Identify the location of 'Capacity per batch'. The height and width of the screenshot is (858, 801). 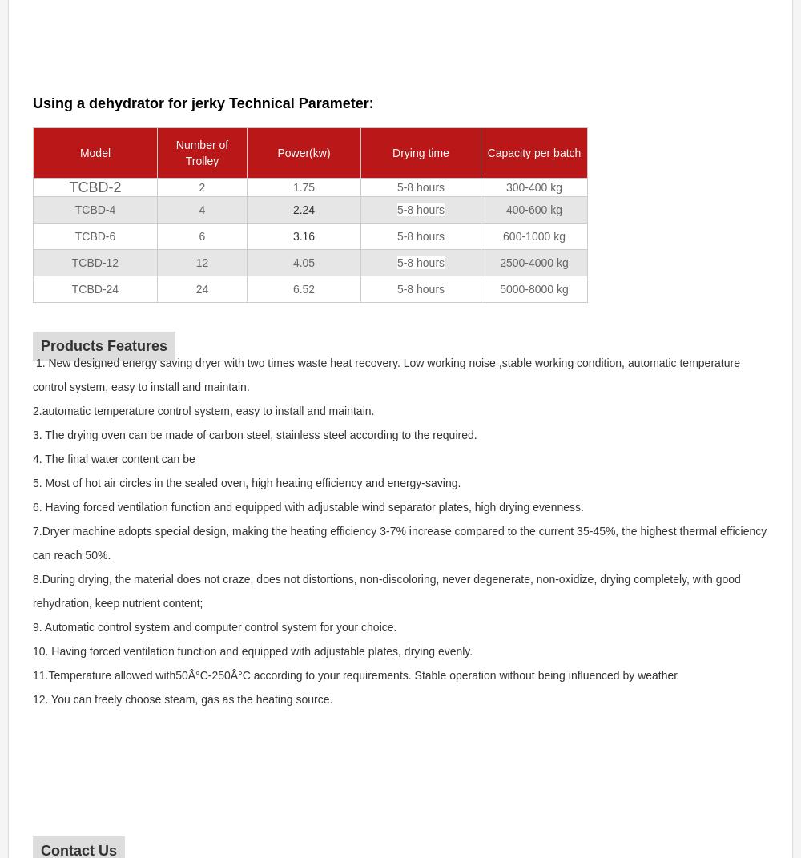
(533, 151).